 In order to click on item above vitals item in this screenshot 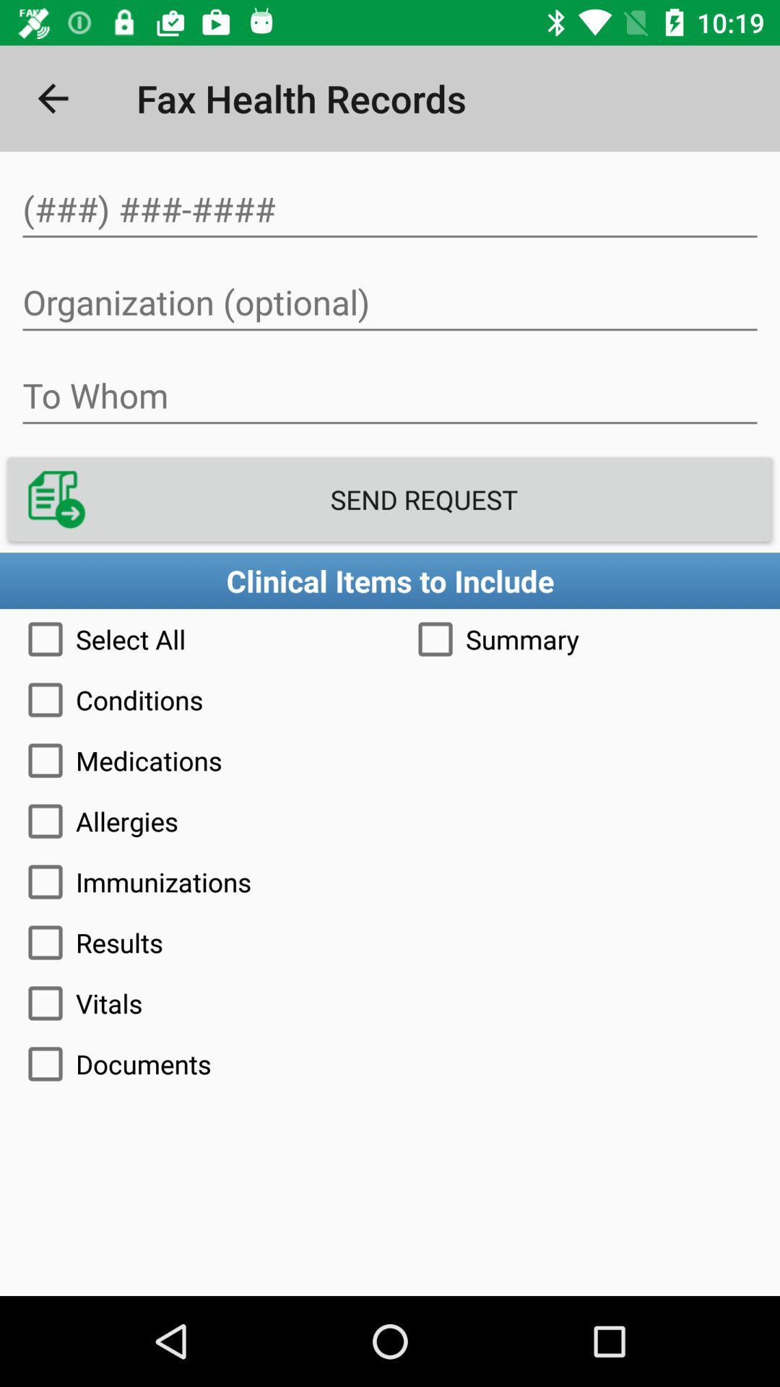, I will do `click(390, 943)`.